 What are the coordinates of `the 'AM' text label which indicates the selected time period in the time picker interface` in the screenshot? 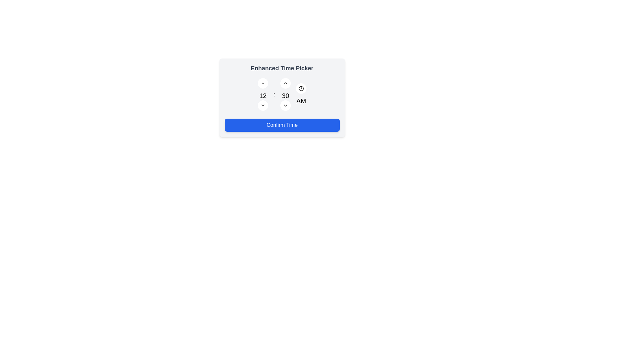 It's located at (301, 101).